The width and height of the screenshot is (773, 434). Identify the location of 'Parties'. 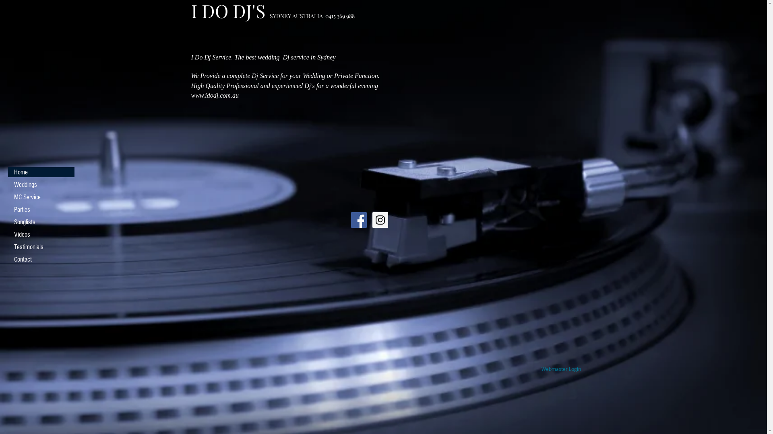
(41, 209).